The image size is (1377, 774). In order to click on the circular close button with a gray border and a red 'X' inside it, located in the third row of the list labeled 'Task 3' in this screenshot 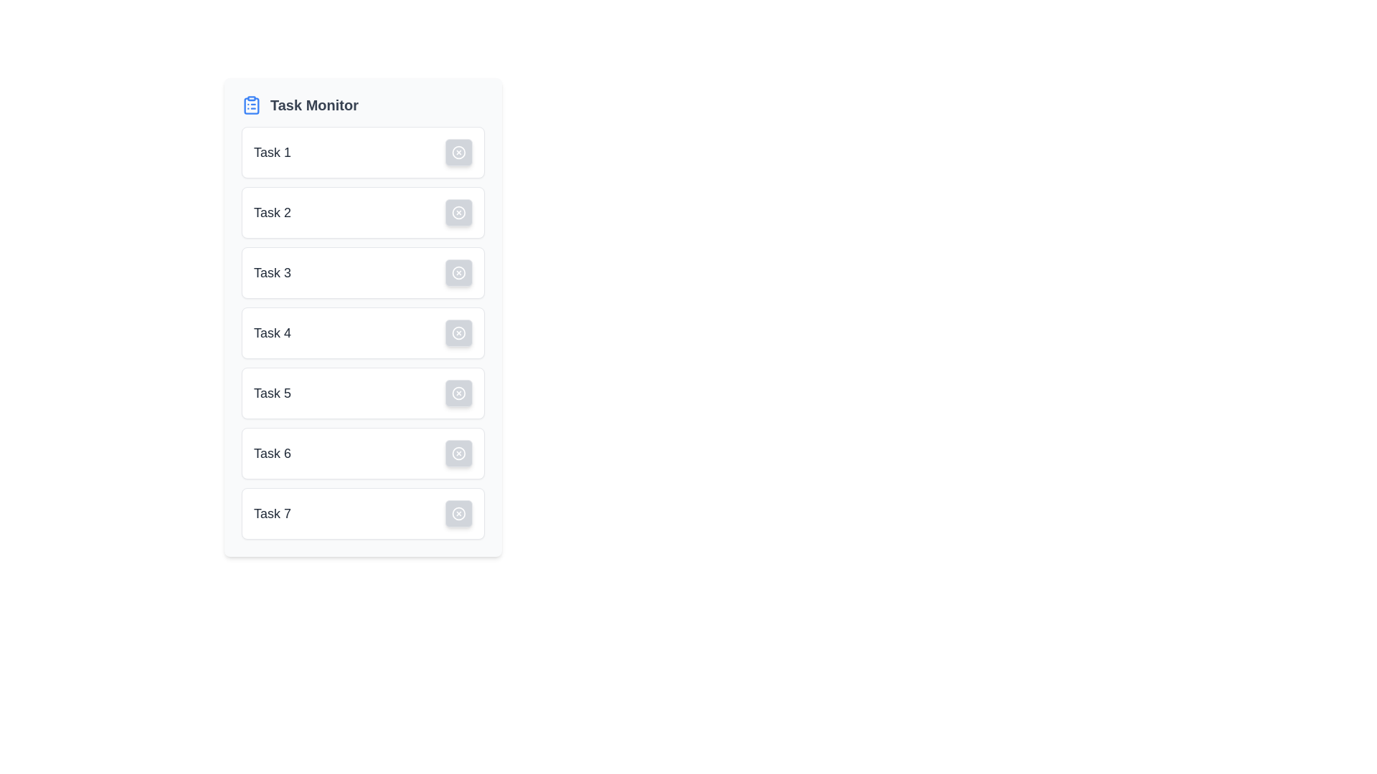, I will do `click(458, 273)`.